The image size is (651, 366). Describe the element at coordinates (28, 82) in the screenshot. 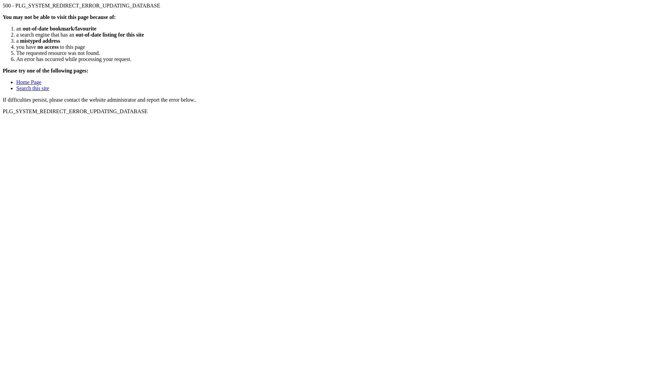

I see `'Home Page'` at that location.